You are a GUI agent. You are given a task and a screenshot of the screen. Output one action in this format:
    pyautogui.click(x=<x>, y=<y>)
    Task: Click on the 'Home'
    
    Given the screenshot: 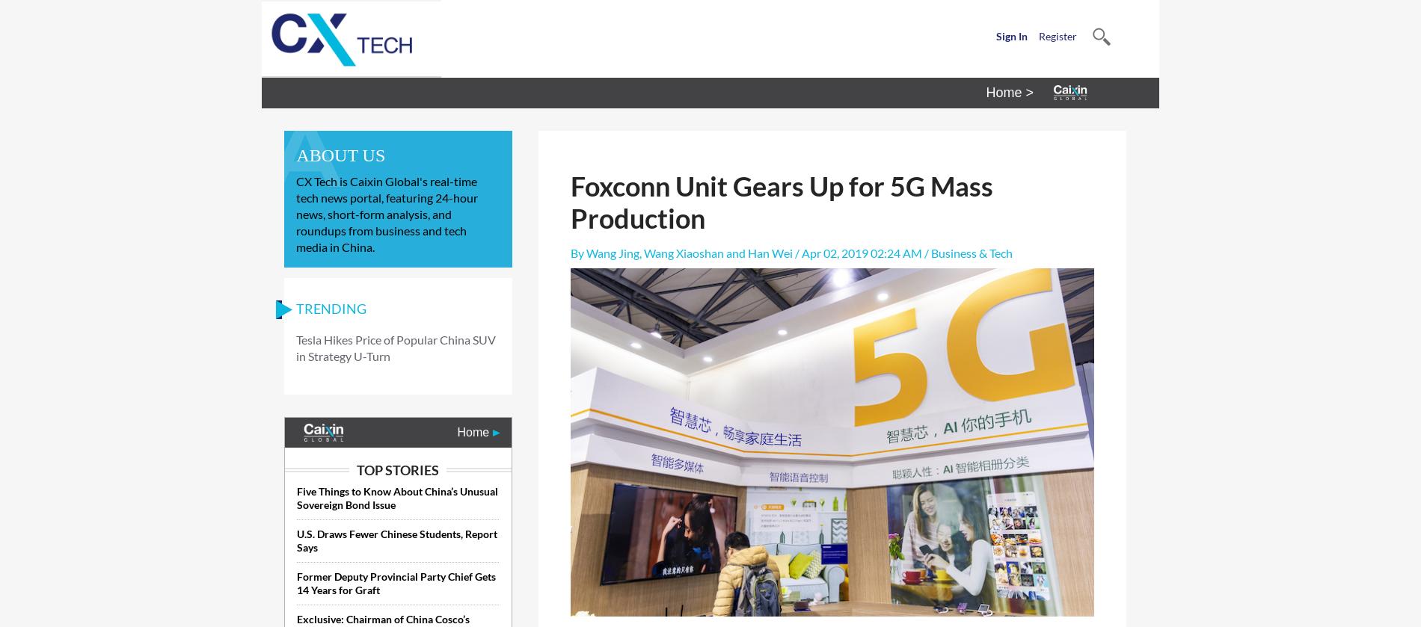 What is the action you would take?
    pyautogui.click(x=474, y=431)
    